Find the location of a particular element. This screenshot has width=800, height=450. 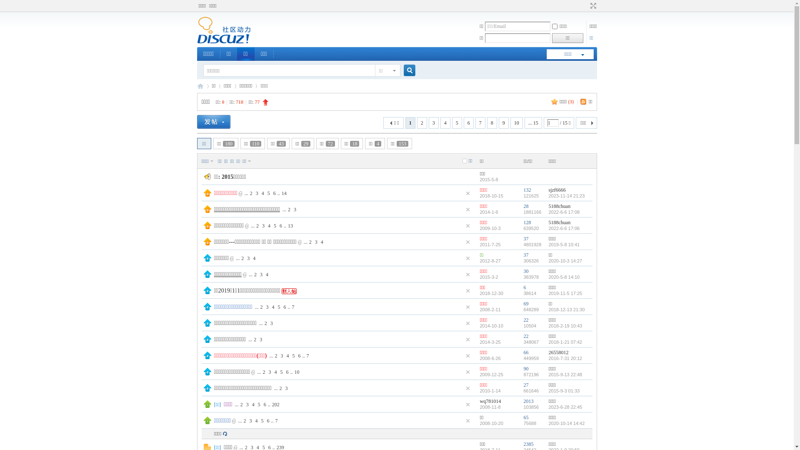

'2023-11-14 21:23' is located at coordinates (548, 196).